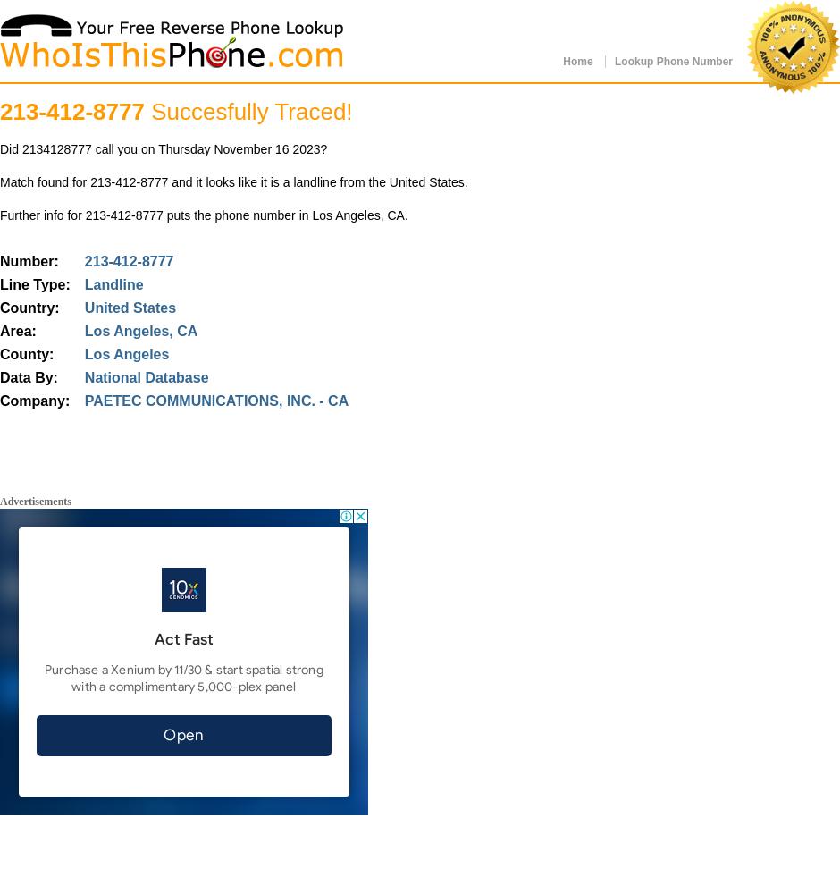  I want to click on 'Line Type:', so click(35, 283).